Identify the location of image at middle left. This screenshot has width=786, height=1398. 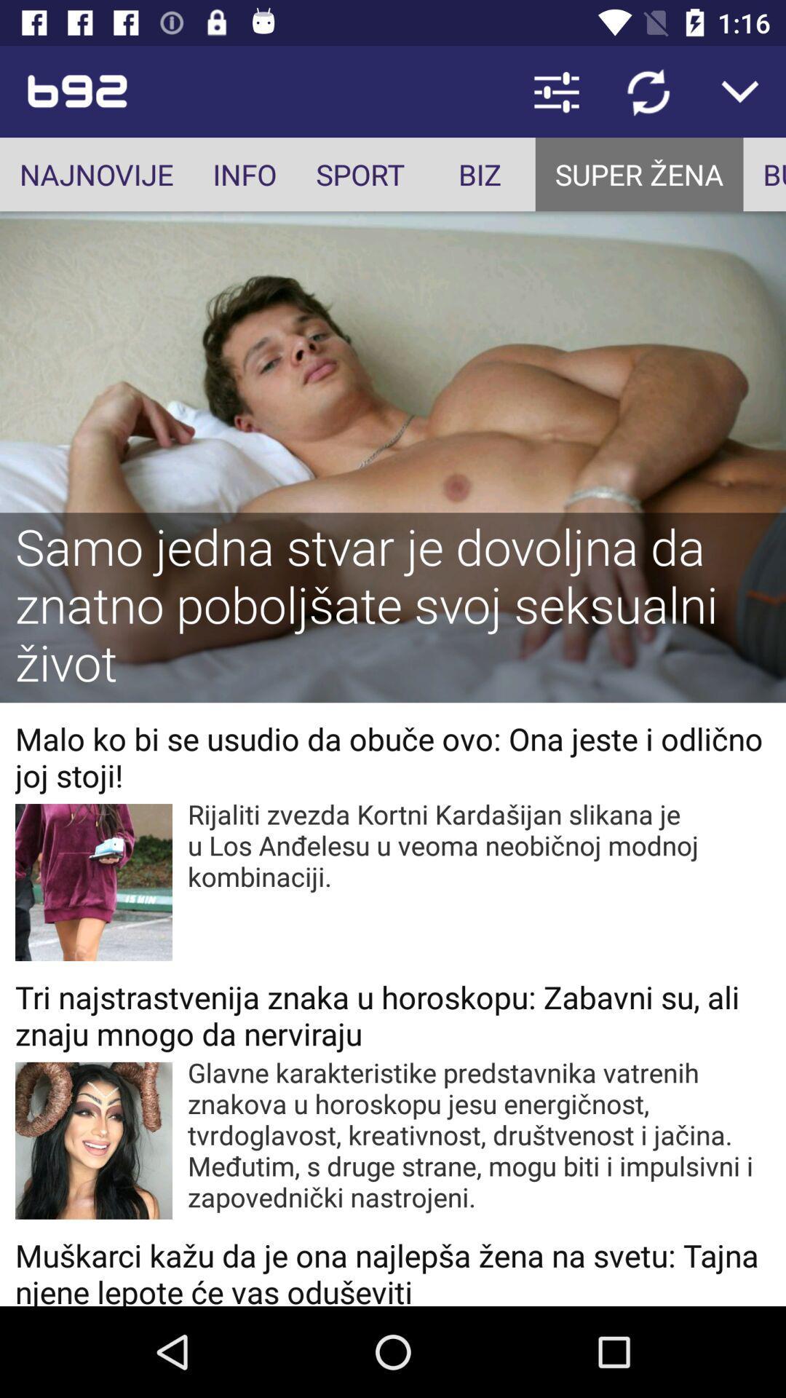
(93, 881).